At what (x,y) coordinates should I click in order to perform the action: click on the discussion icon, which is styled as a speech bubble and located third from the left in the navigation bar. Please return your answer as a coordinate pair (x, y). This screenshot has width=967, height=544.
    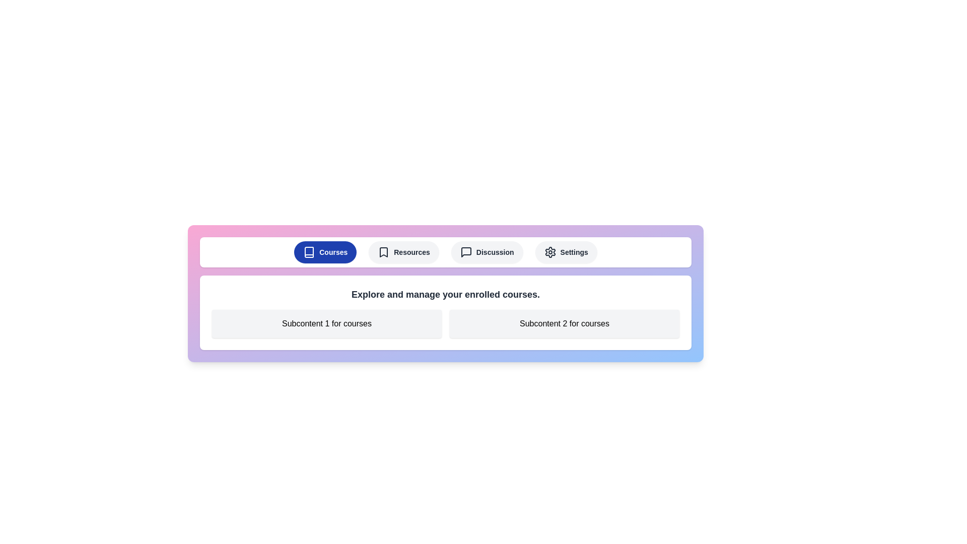
    Looking at the image, I should click on (465, 252).